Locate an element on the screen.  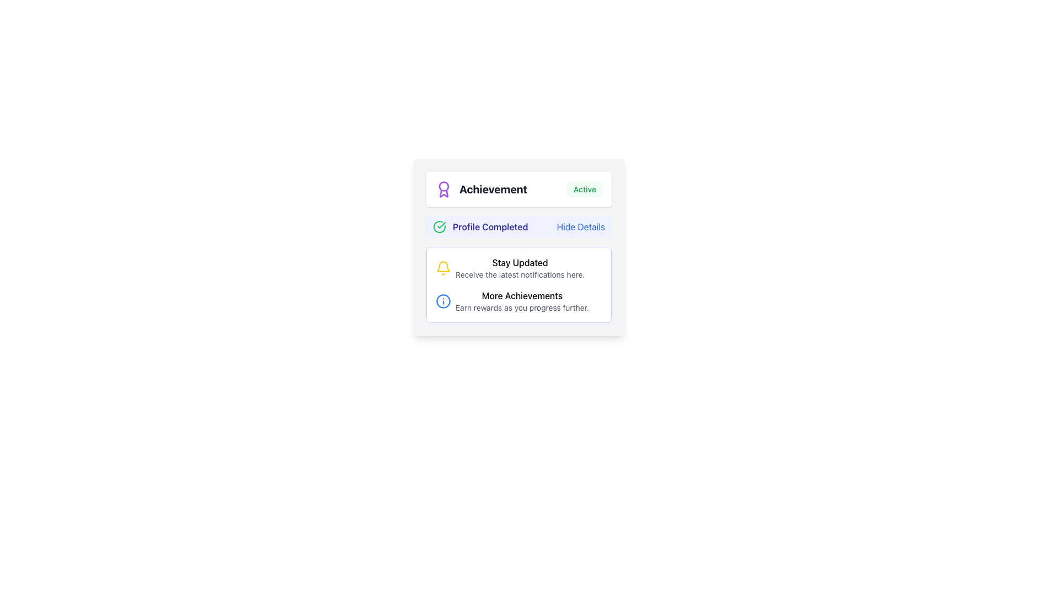
the bell icon for notifications, which is located near the text 'Achievement' in the top-left portion of the interface is located at coordinates (443, 267).